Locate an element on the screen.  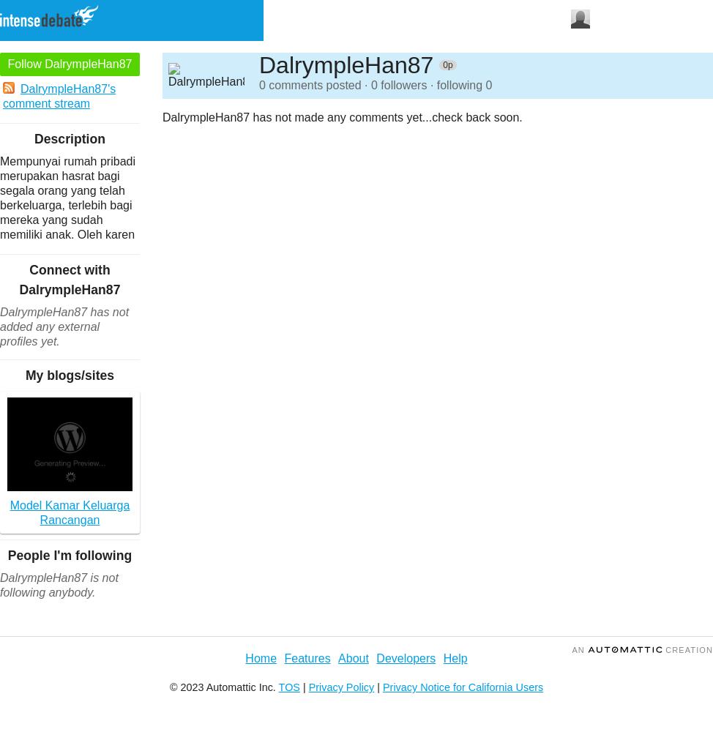
'Help' is located at coordinates (454, 657).